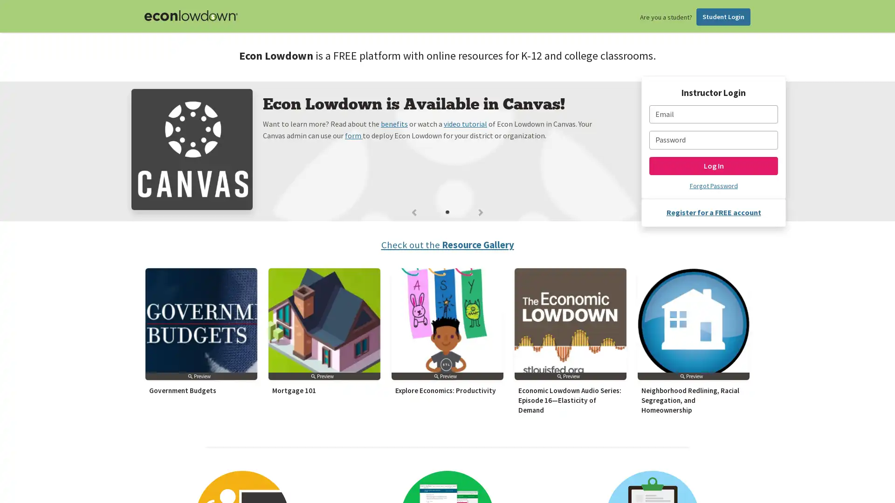 This screenshot has width=895, height=503. Describe the element at coordinates (413, 212) in the screenshot. I see `Previous` at that location.